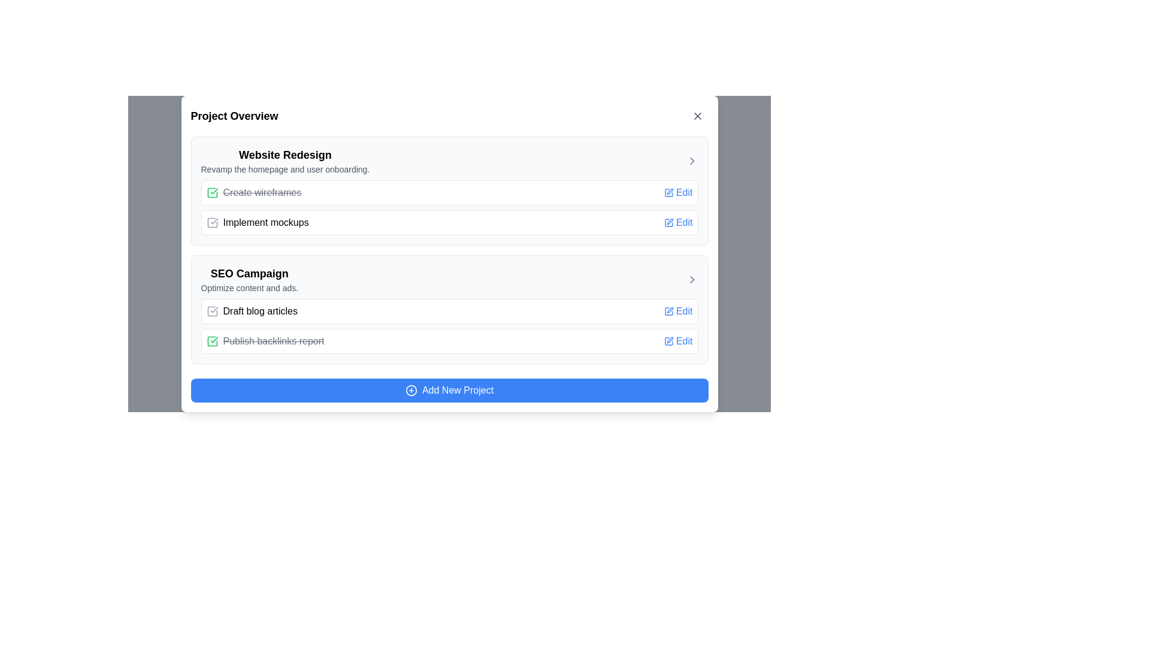 Image resolution: width=1150 pixels, height=647 pixels. Describe the element at coordinates (668, 341) in the screenshot. I see `the miniature pen and square icon representing editing functionality, which is located to the left of the 'Edit' label` at that location.